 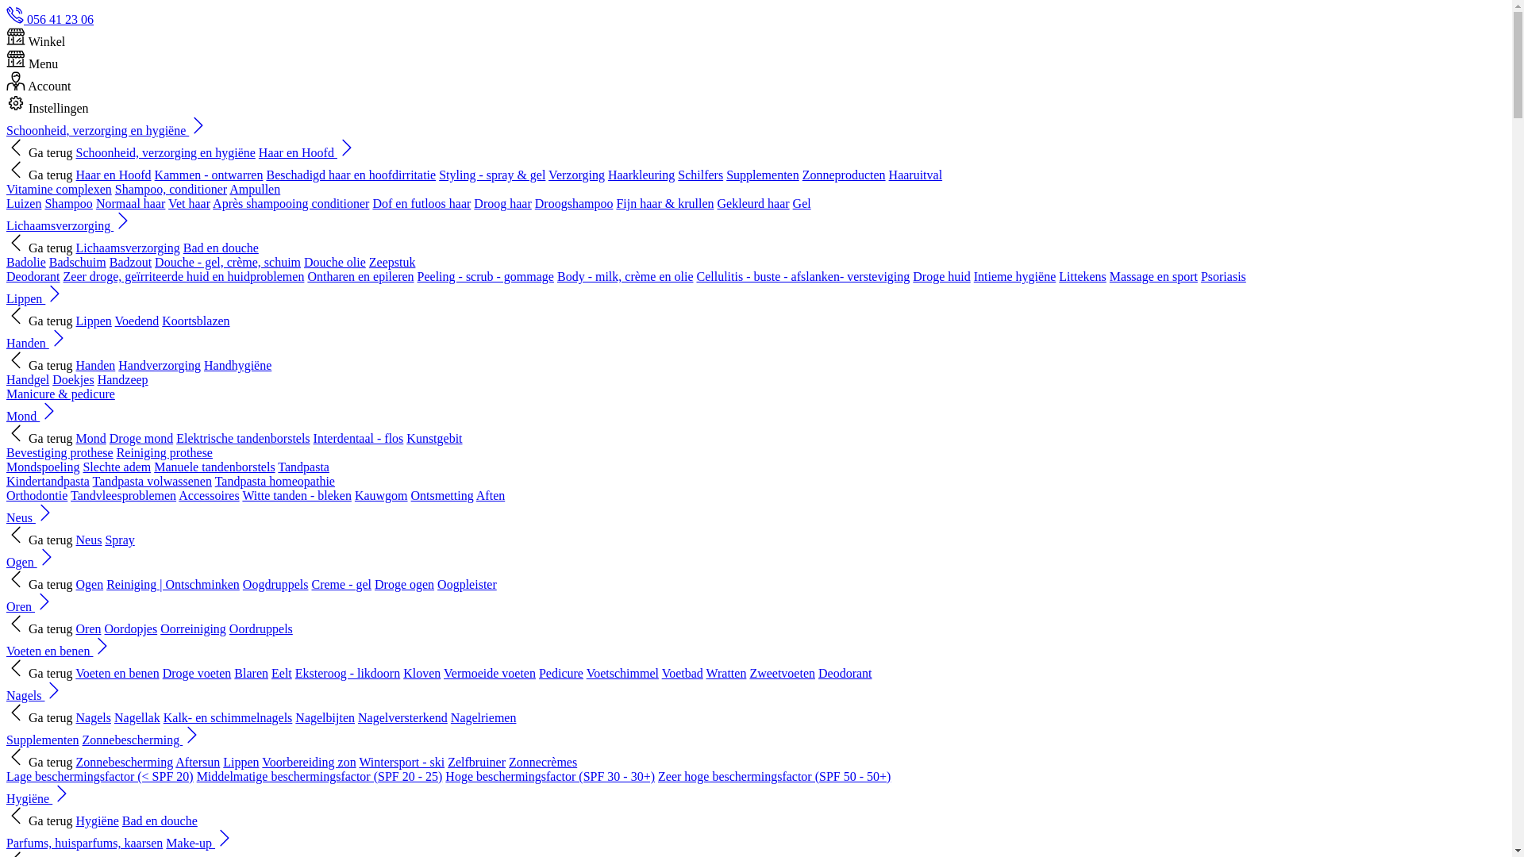 What do you see at coordinates (172, 584) in the screenshot?
I see `'Reiniging | Ontschminken'` at bounding box center [172, 584].